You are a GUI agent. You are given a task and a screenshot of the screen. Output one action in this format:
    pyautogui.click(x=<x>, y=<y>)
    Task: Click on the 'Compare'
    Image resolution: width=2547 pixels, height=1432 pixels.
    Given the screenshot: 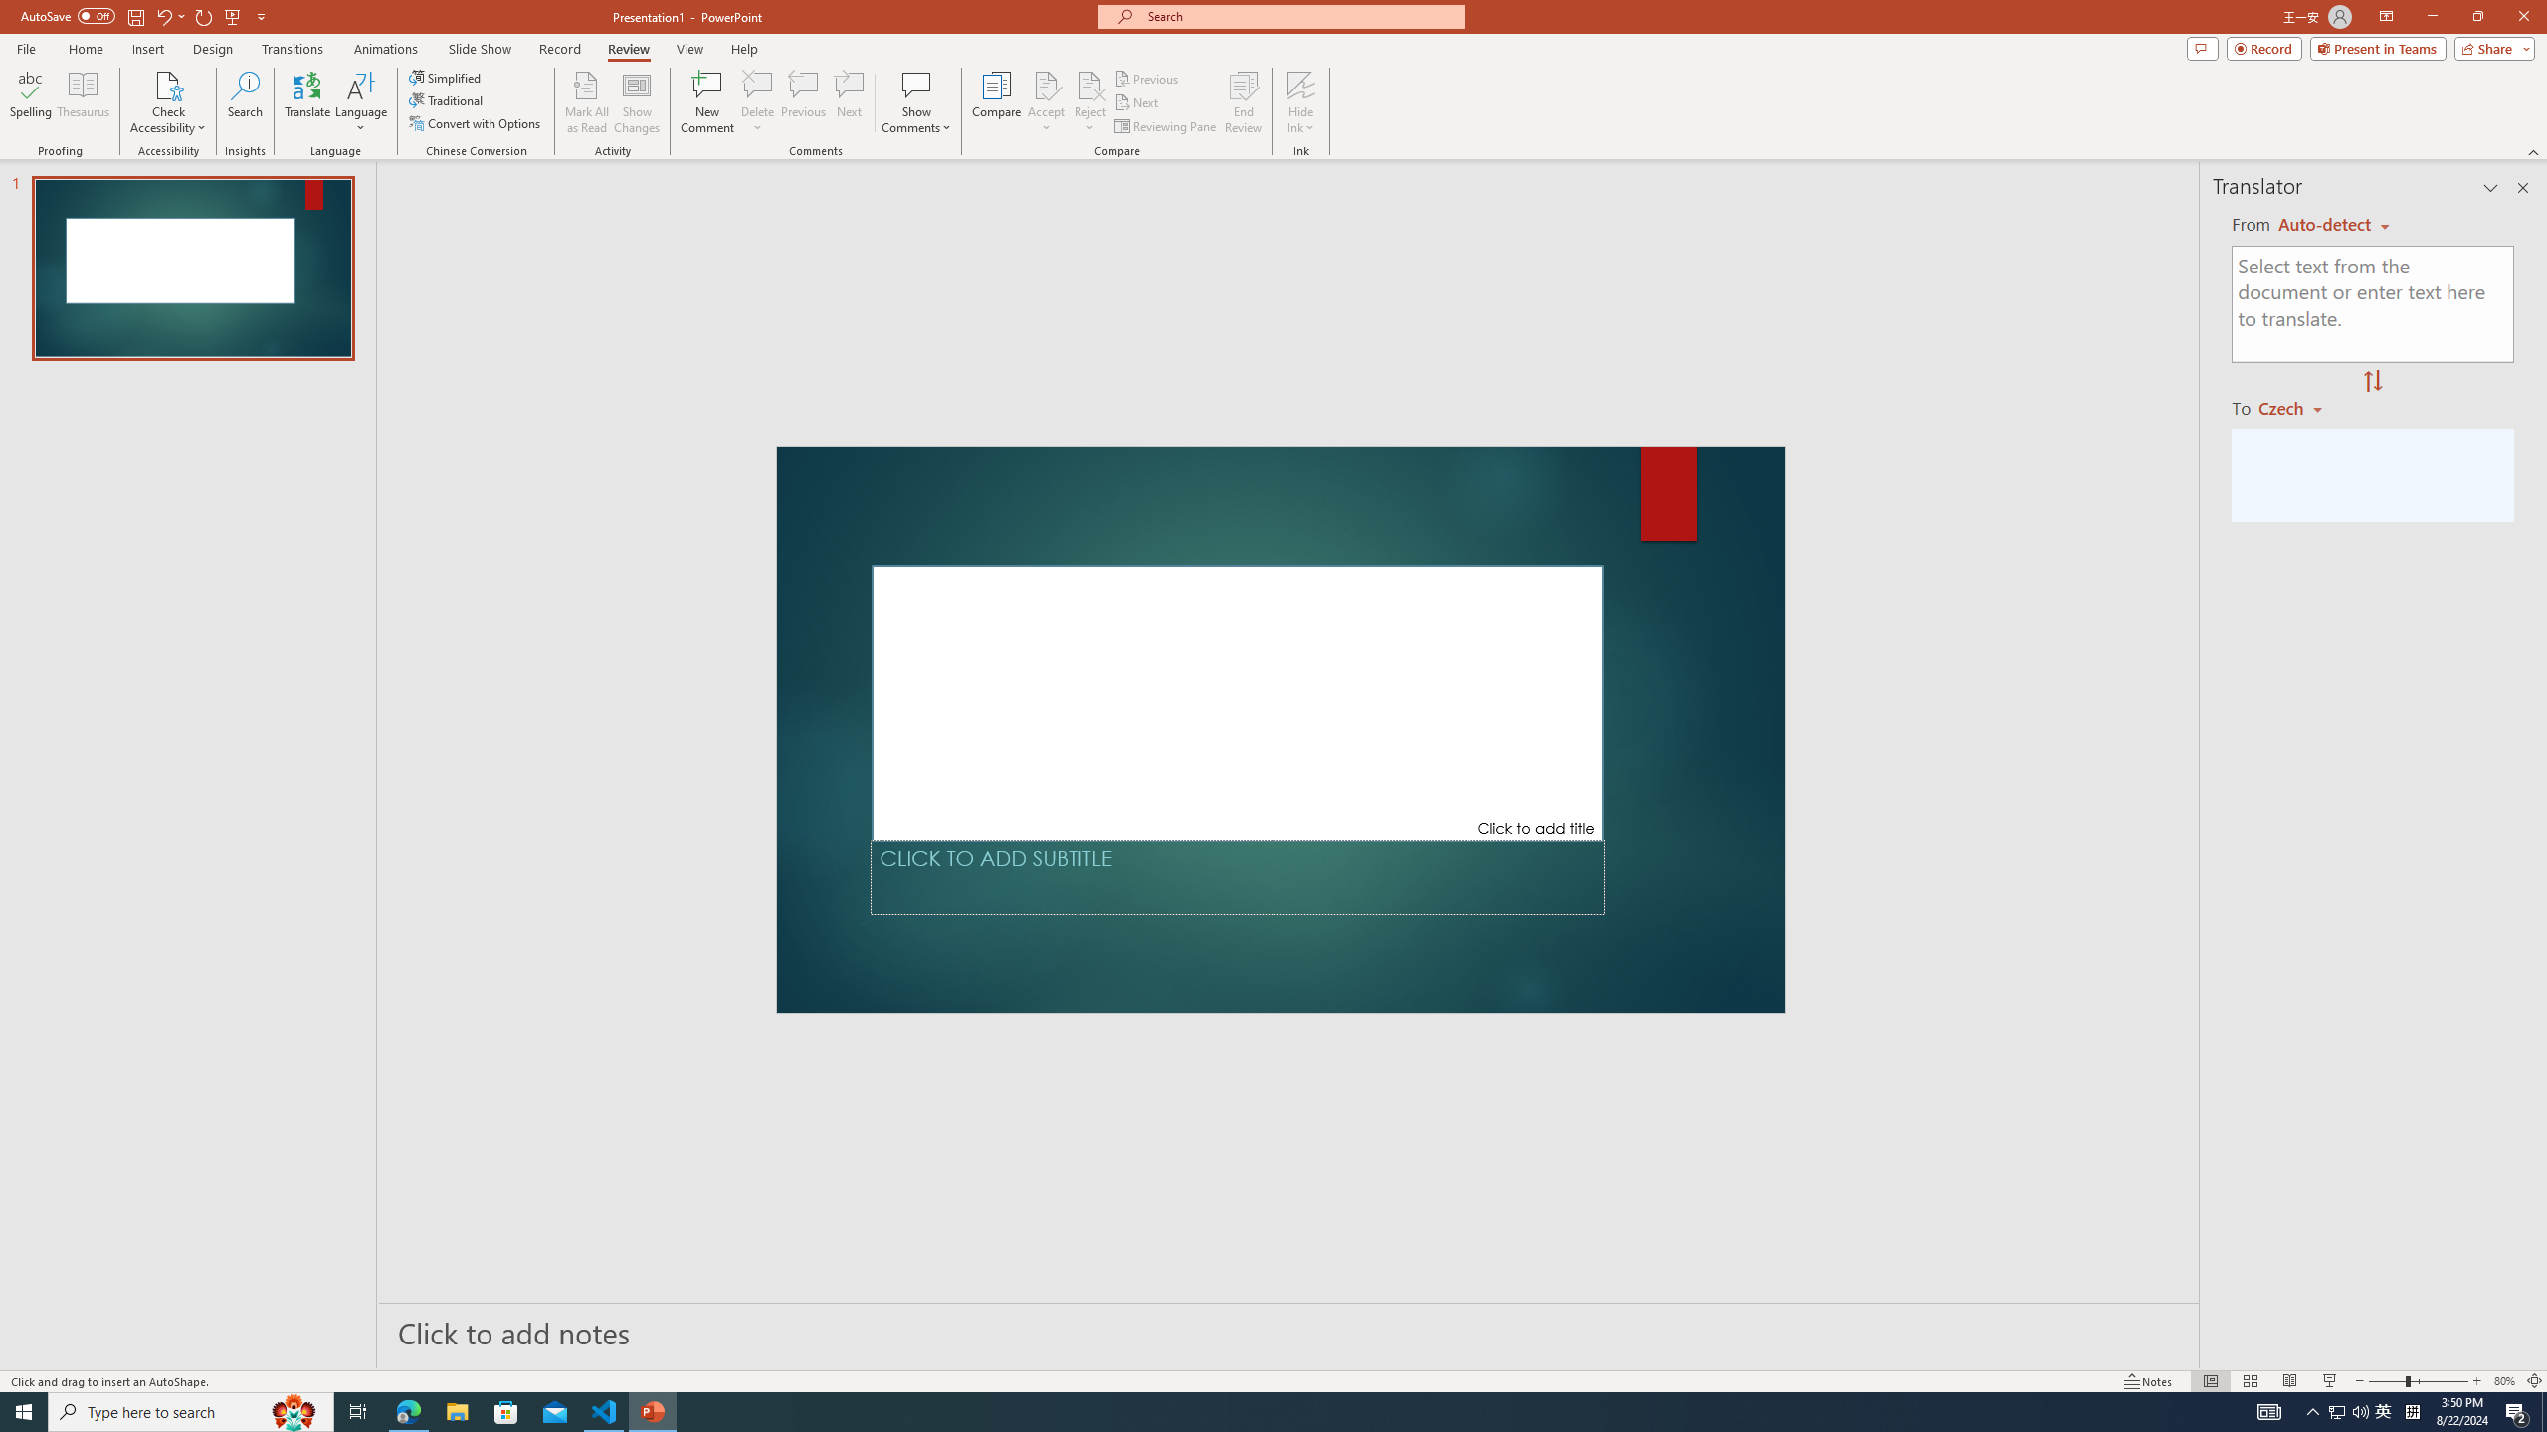 What is the action you would take?
    pyautogui.click(x=997, y=102)
    